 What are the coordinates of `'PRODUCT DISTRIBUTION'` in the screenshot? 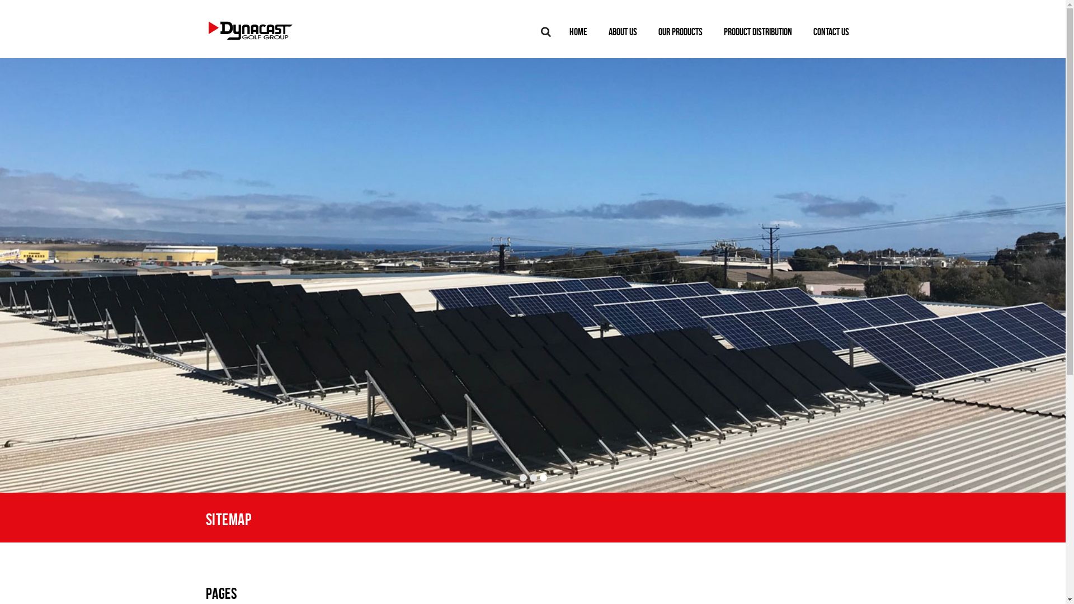 It's located at (757, 31).